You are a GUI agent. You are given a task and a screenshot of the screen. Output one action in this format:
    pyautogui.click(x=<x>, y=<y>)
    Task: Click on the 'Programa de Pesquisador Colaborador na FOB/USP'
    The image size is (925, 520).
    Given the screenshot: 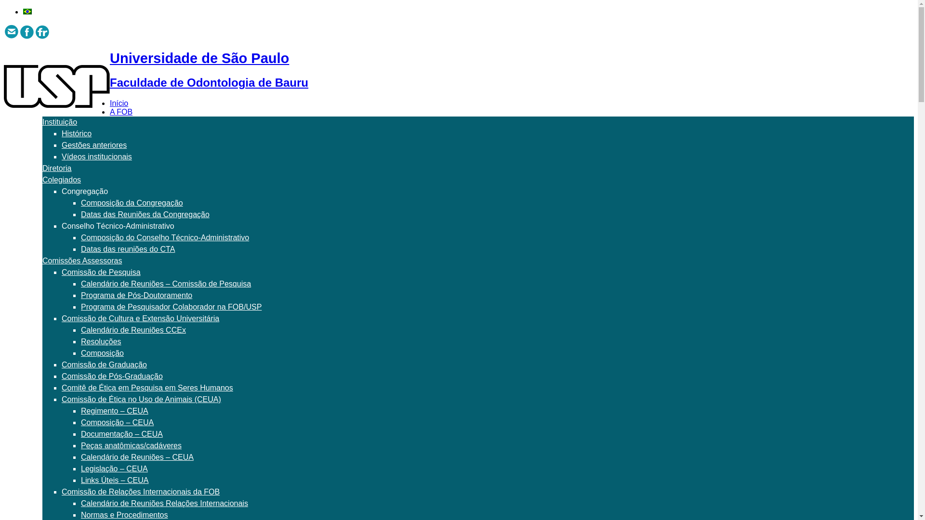 What is the action you would take?
    pyautogui.click(x=171, y=307)
    